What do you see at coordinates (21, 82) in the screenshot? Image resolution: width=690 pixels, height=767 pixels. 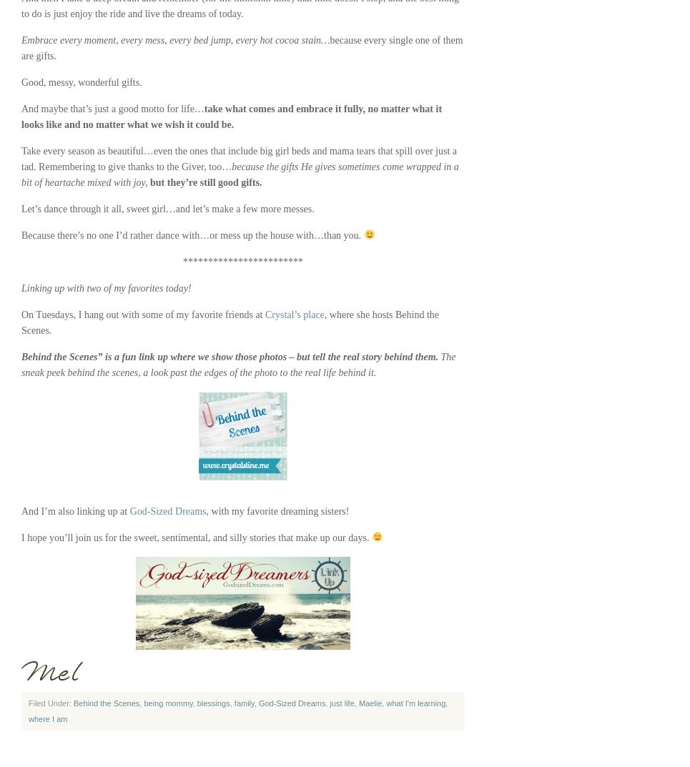 I see `'Good, messy, wonderful gifts.'` at bounding box center [21, 82].